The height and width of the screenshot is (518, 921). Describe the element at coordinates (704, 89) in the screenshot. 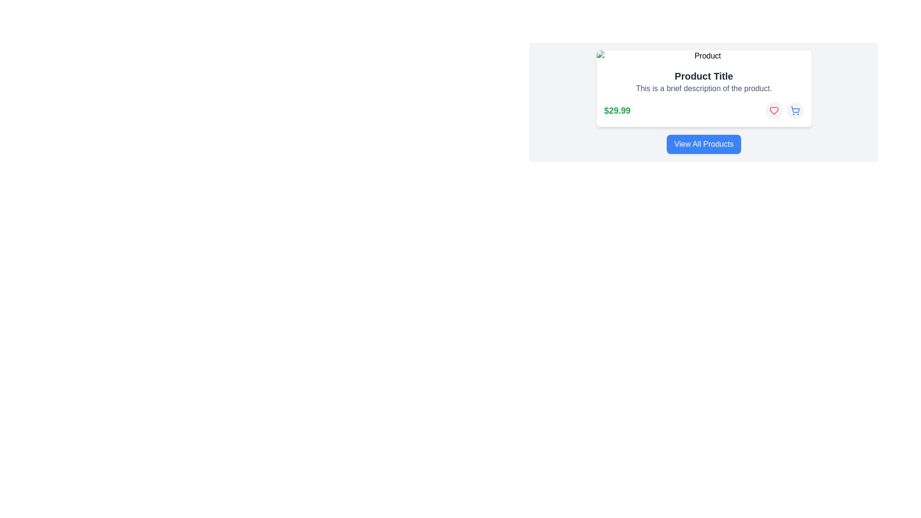

I see `the text label that provides a succinct textual description of the product, located below the 'Product Title' and above the price '$29.99'` at that location.